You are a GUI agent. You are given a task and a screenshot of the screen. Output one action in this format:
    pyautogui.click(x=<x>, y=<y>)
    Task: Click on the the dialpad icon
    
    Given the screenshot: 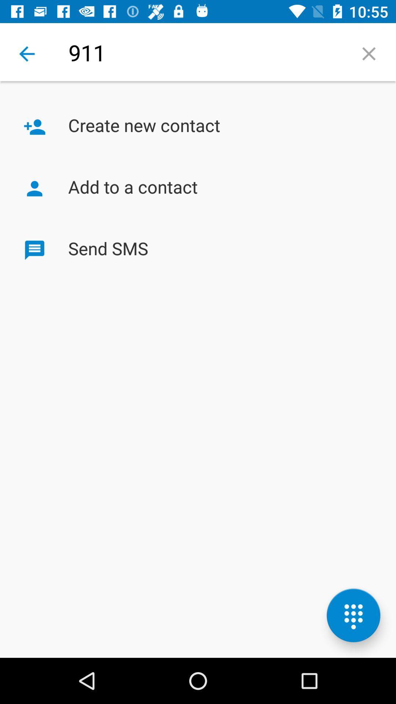 What is the action you would take?
    pyautogui.click(x=353, y=615)
    